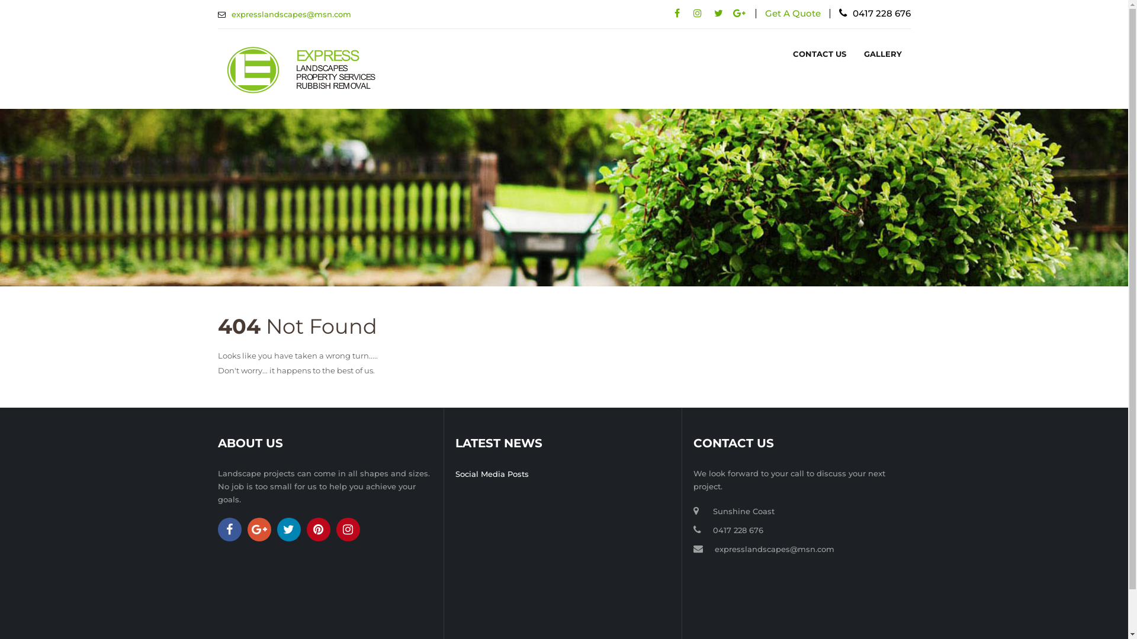  I want to click on 'twitter', so click(718, 13).